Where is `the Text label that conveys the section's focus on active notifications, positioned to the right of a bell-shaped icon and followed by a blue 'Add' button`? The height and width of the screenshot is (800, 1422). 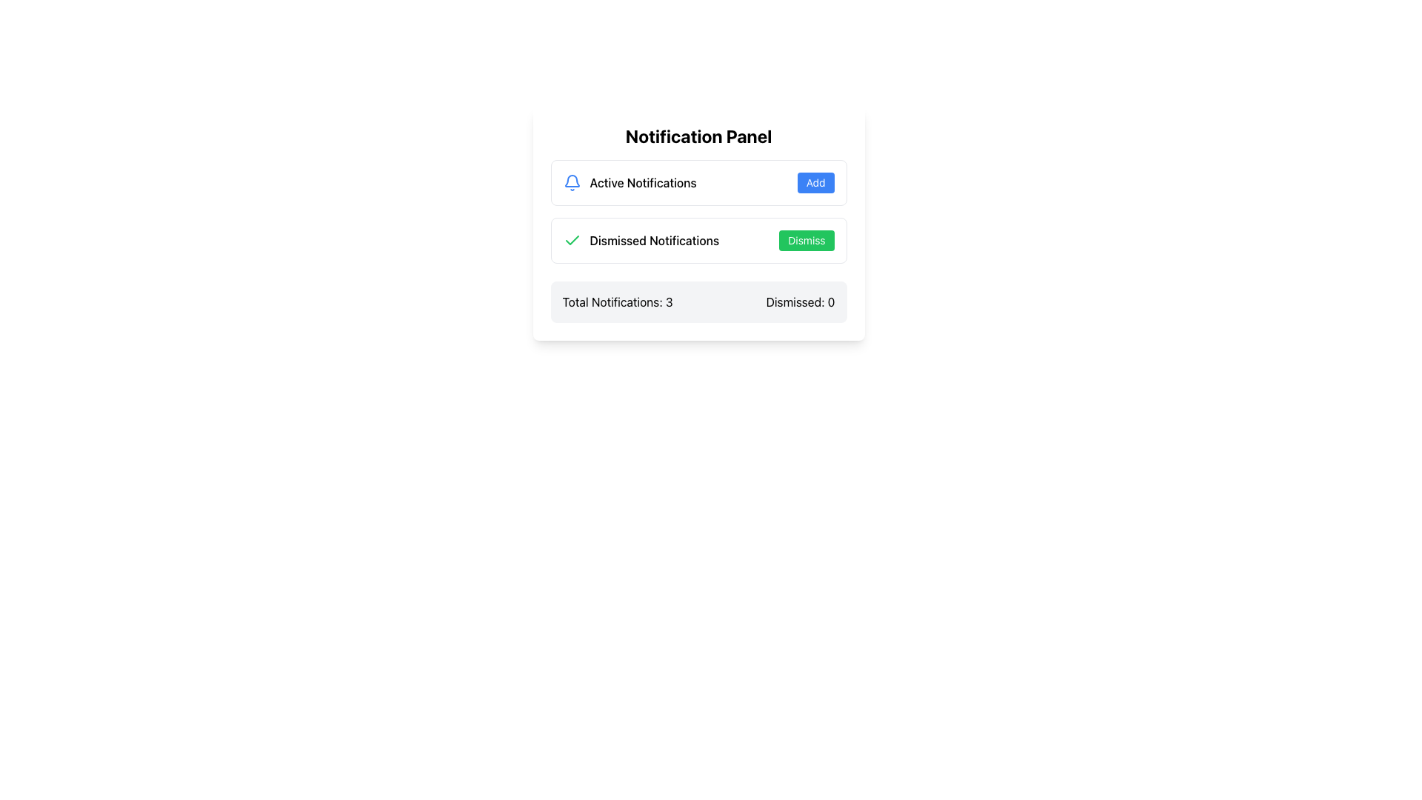
the Text label that conveys the section's focus on active notifications, positioned to the right of a bell-shaped icon and followed by a blue 'Add' button is located at coordinates (643, 181).